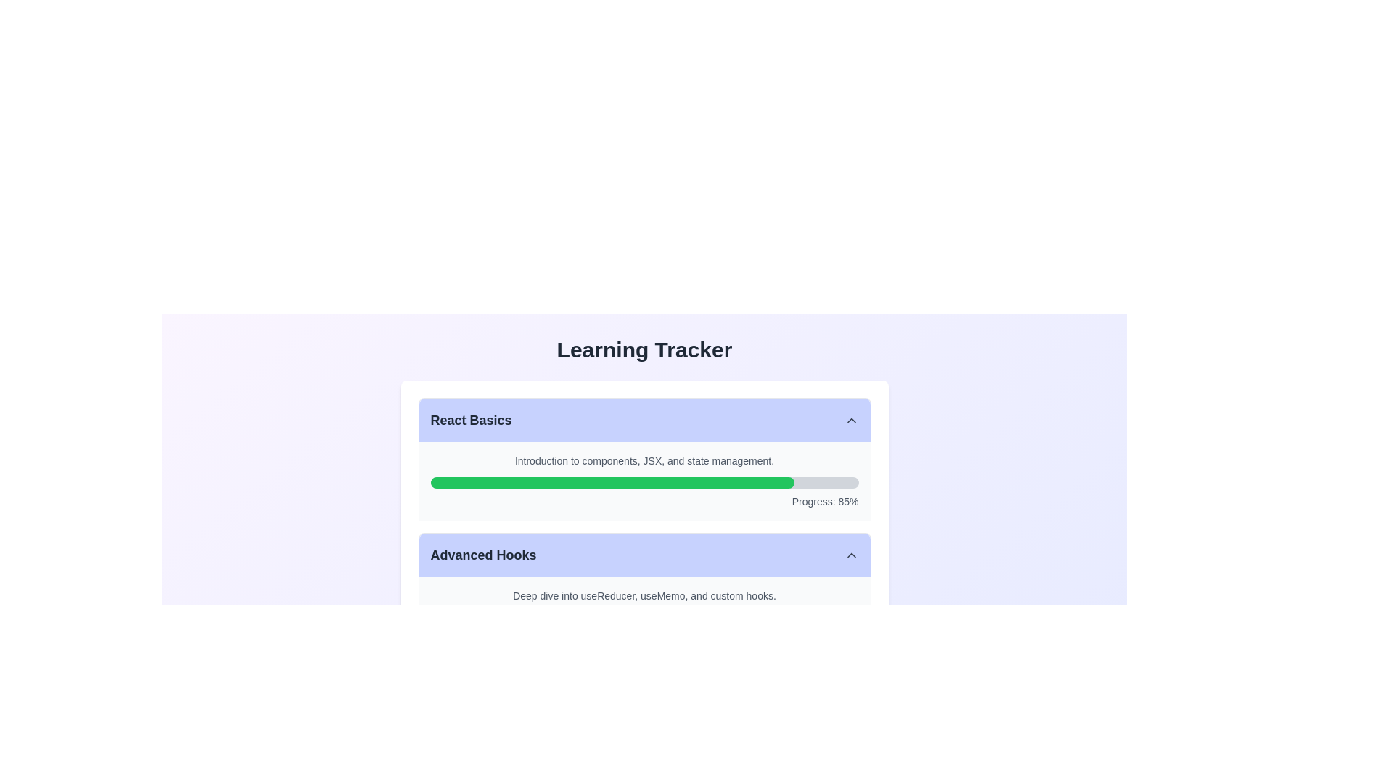  What do you see at coordinates (851, 420) in the screenshot?
I see `the upward chevron icon in the upper-right corner of the 'React Basics' card to trigger any potential highlight effects` at bounding box center [851, 420].